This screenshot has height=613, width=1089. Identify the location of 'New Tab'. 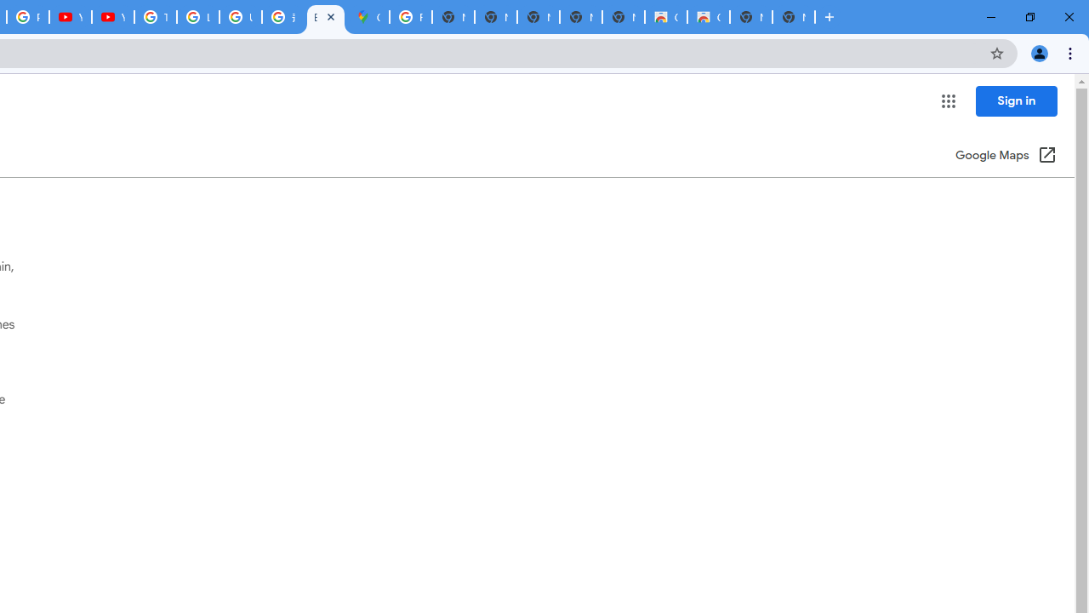
(792, 17).